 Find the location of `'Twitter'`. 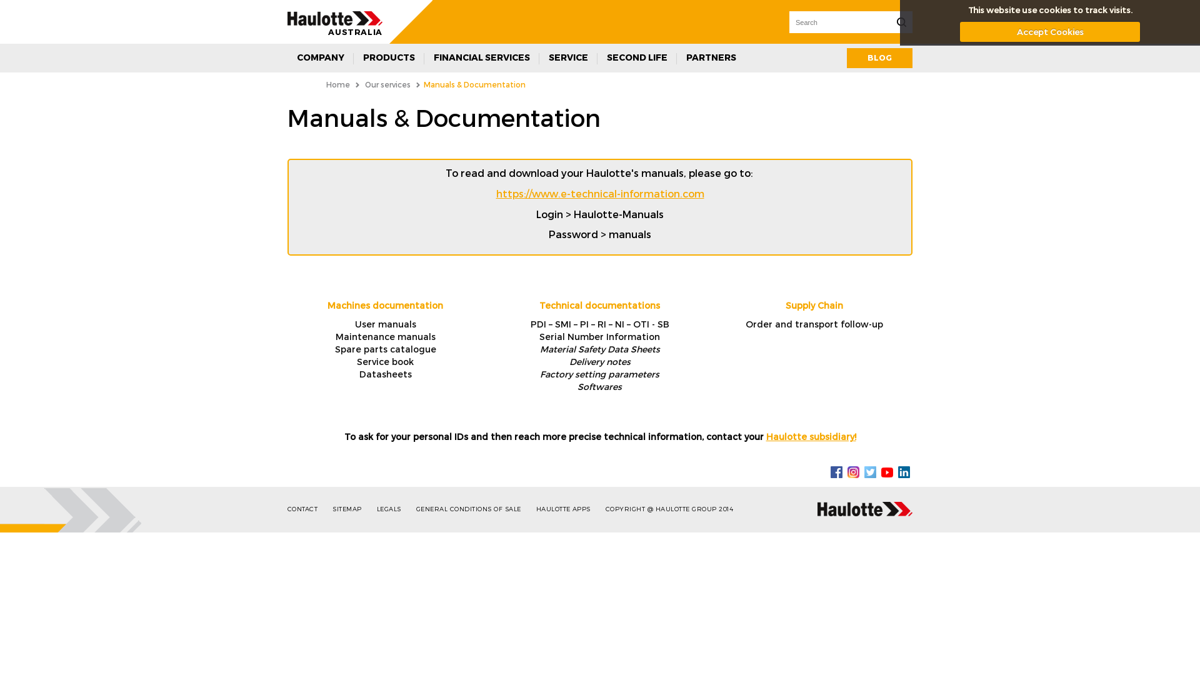

'Twitter' is located at coordinates (869, 471).